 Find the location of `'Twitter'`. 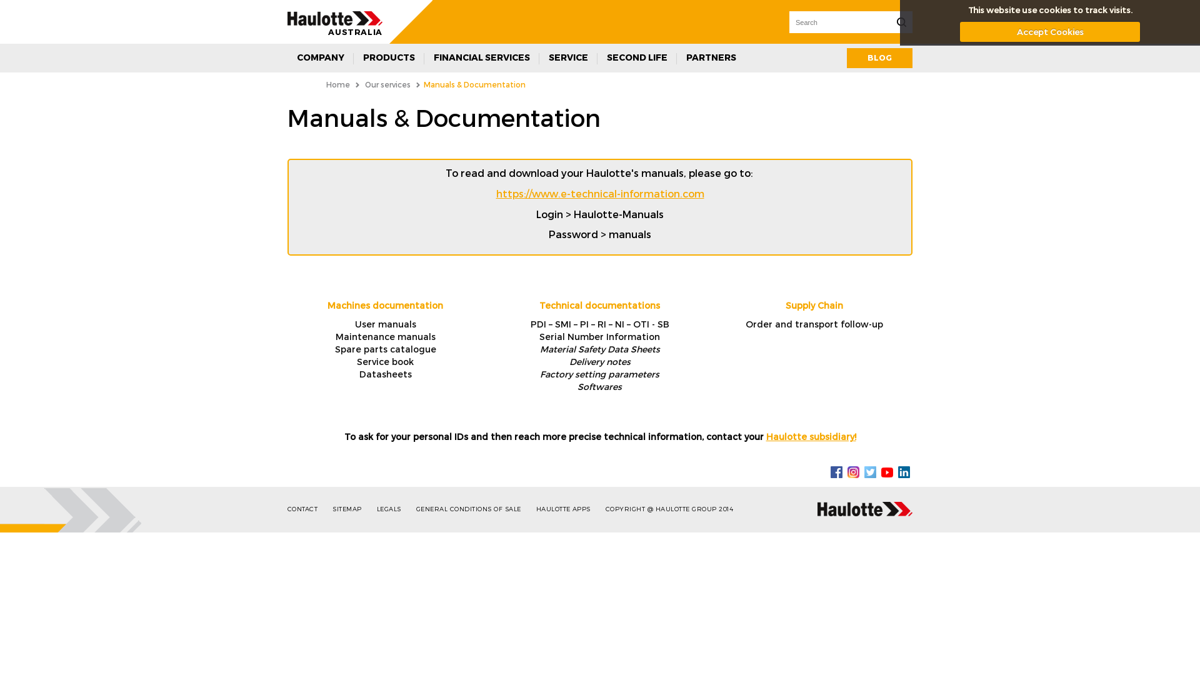

'Twitter' is located at coordinates (869, 471).